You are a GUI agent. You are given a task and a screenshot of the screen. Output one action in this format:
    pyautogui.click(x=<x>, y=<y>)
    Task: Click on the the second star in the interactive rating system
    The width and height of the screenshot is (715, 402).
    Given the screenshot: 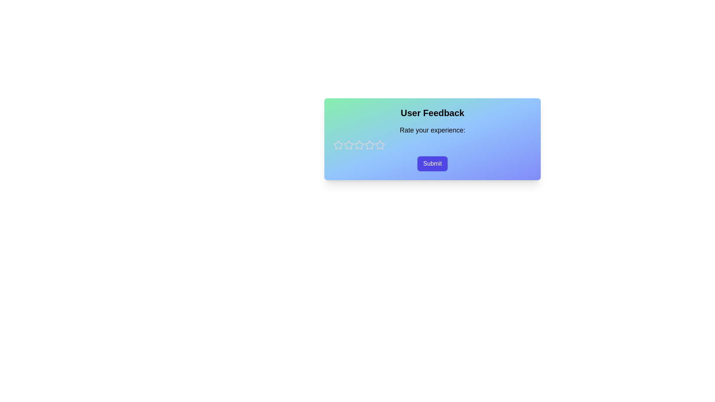 What is the action you would take?
    pyautogui.click(x=359, y=145)
    